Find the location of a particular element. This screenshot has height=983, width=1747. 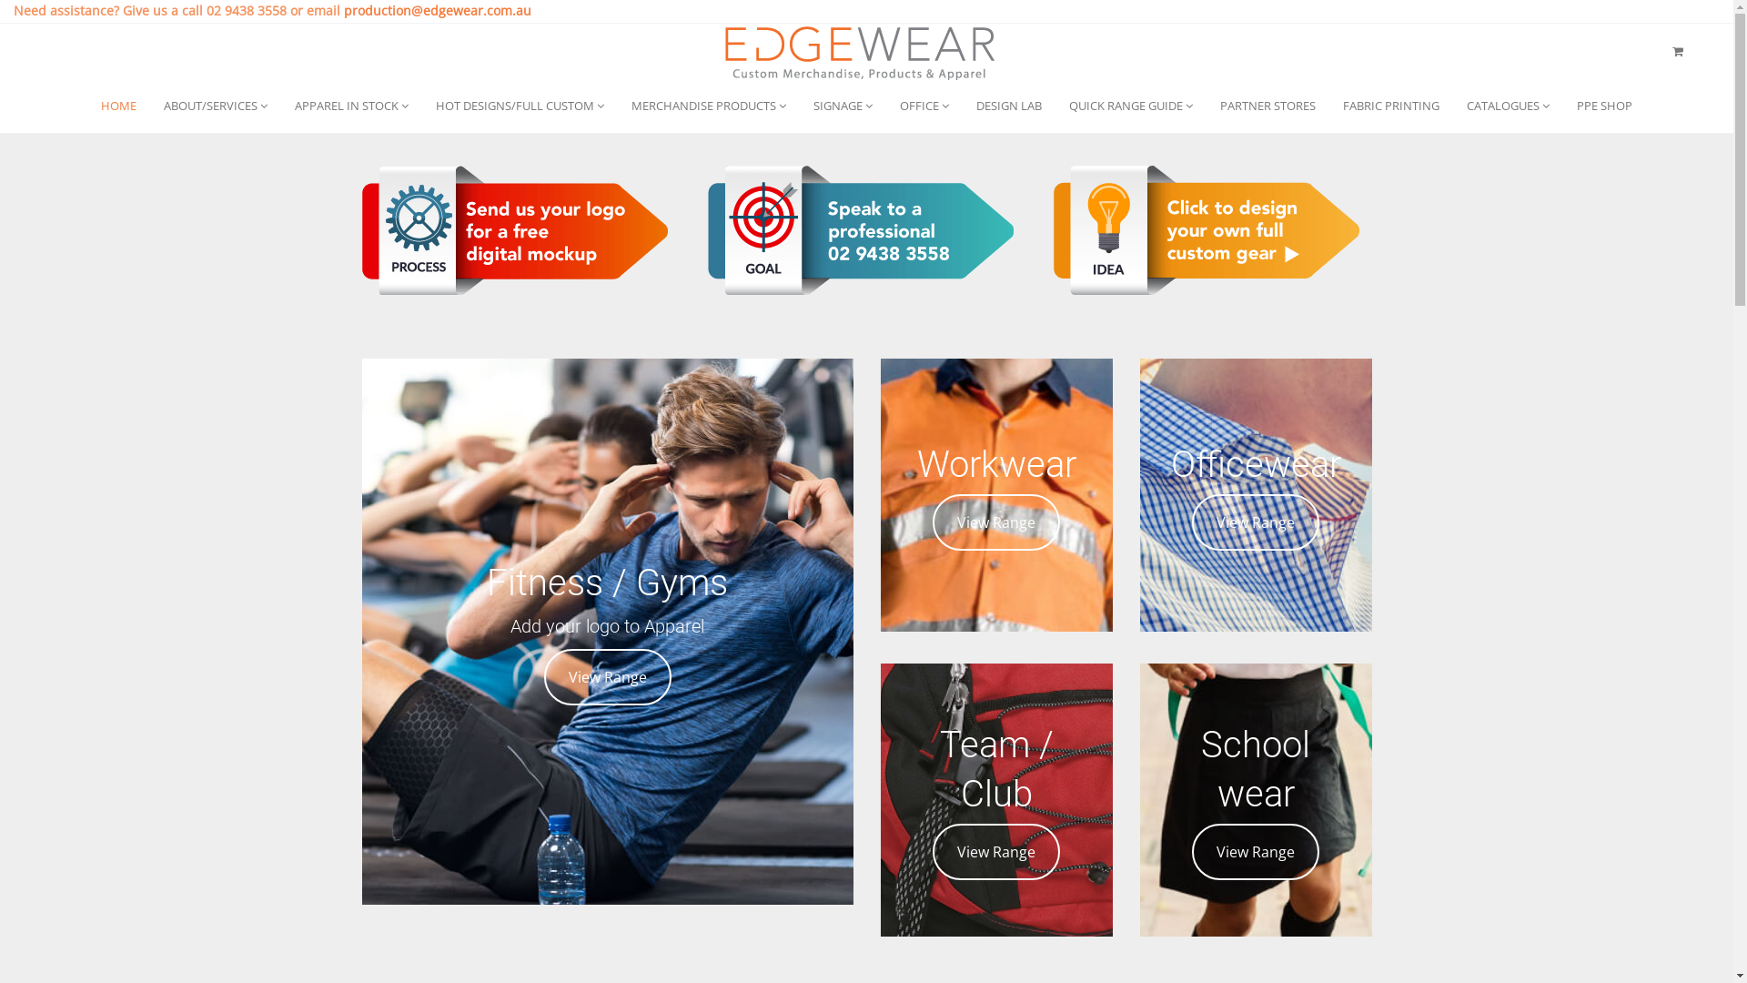

'02 9438 3558' is located at coordinates (206, 10).